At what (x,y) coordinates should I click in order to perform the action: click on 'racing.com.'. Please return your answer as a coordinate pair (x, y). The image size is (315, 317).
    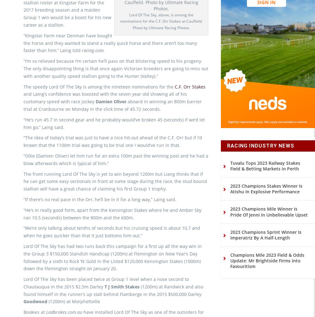
    Looking at the image, I should click on (82, 61).